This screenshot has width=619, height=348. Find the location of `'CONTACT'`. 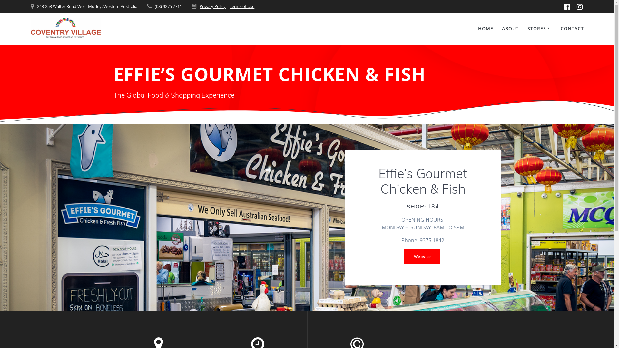

'CONTACT' is located at coordinates (572, 29).